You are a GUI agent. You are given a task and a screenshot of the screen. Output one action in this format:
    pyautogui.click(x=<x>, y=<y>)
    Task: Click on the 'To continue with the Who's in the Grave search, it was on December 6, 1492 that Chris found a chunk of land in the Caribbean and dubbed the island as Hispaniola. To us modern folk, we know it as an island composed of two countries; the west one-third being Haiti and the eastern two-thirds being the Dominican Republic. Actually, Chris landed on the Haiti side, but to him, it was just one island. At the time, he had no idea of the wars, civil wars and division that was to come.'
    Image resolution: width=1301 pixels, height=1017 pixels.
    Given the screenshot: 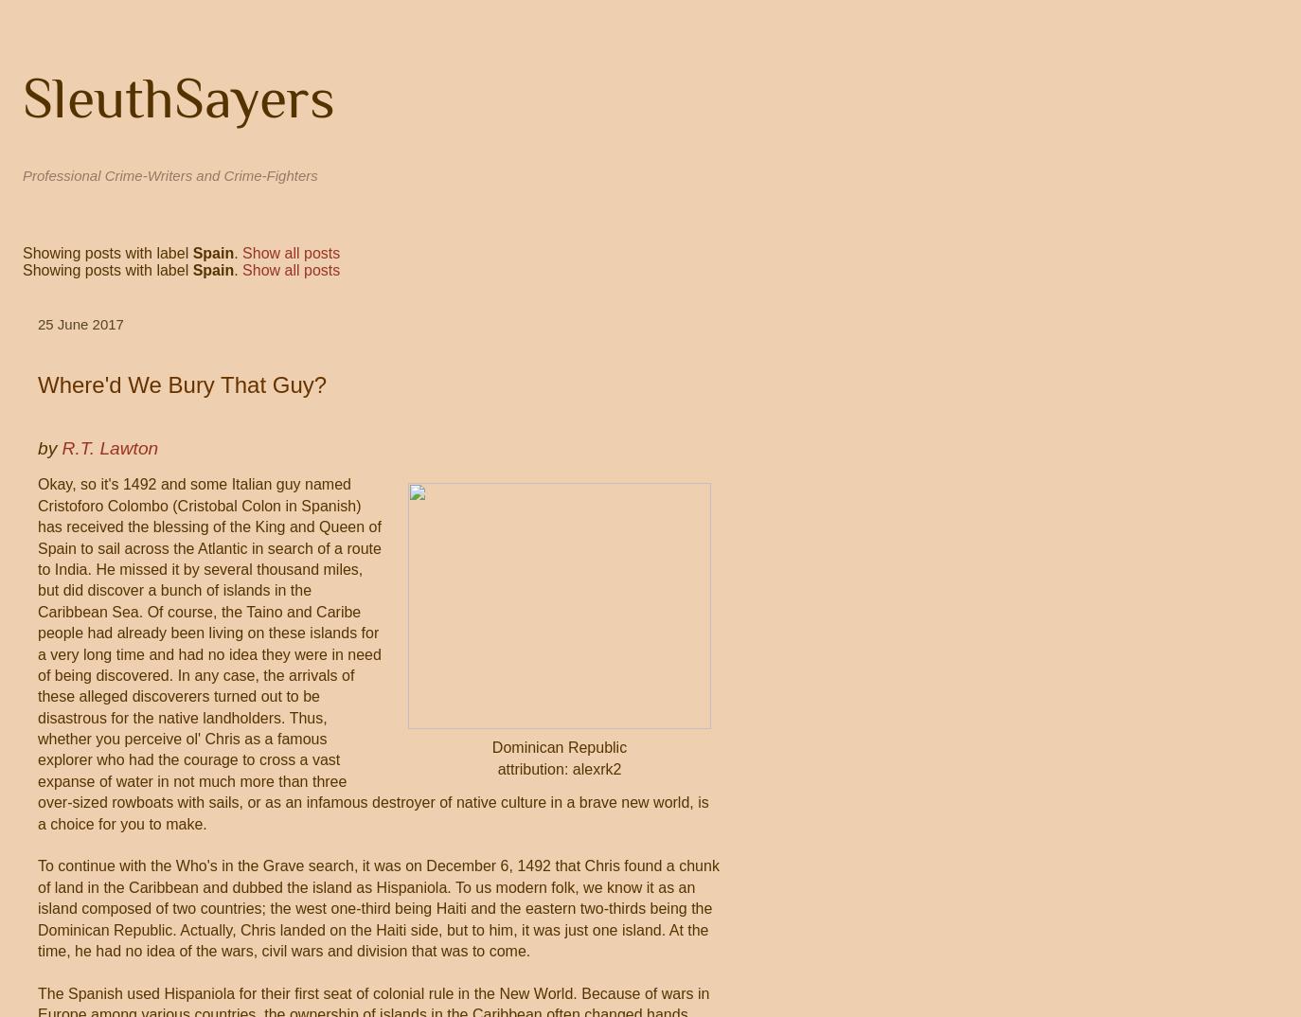 What is the action you would take?
    pyautogui.click(x=378, y=907)
    